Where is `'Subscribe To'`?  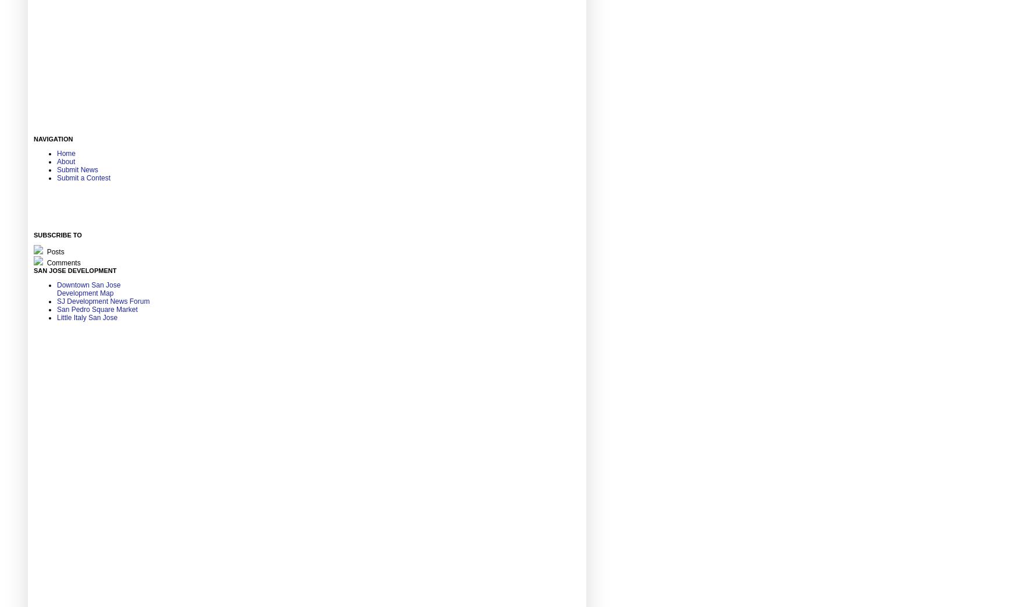 'Subscribe To' is located at coordinates (57, 235).